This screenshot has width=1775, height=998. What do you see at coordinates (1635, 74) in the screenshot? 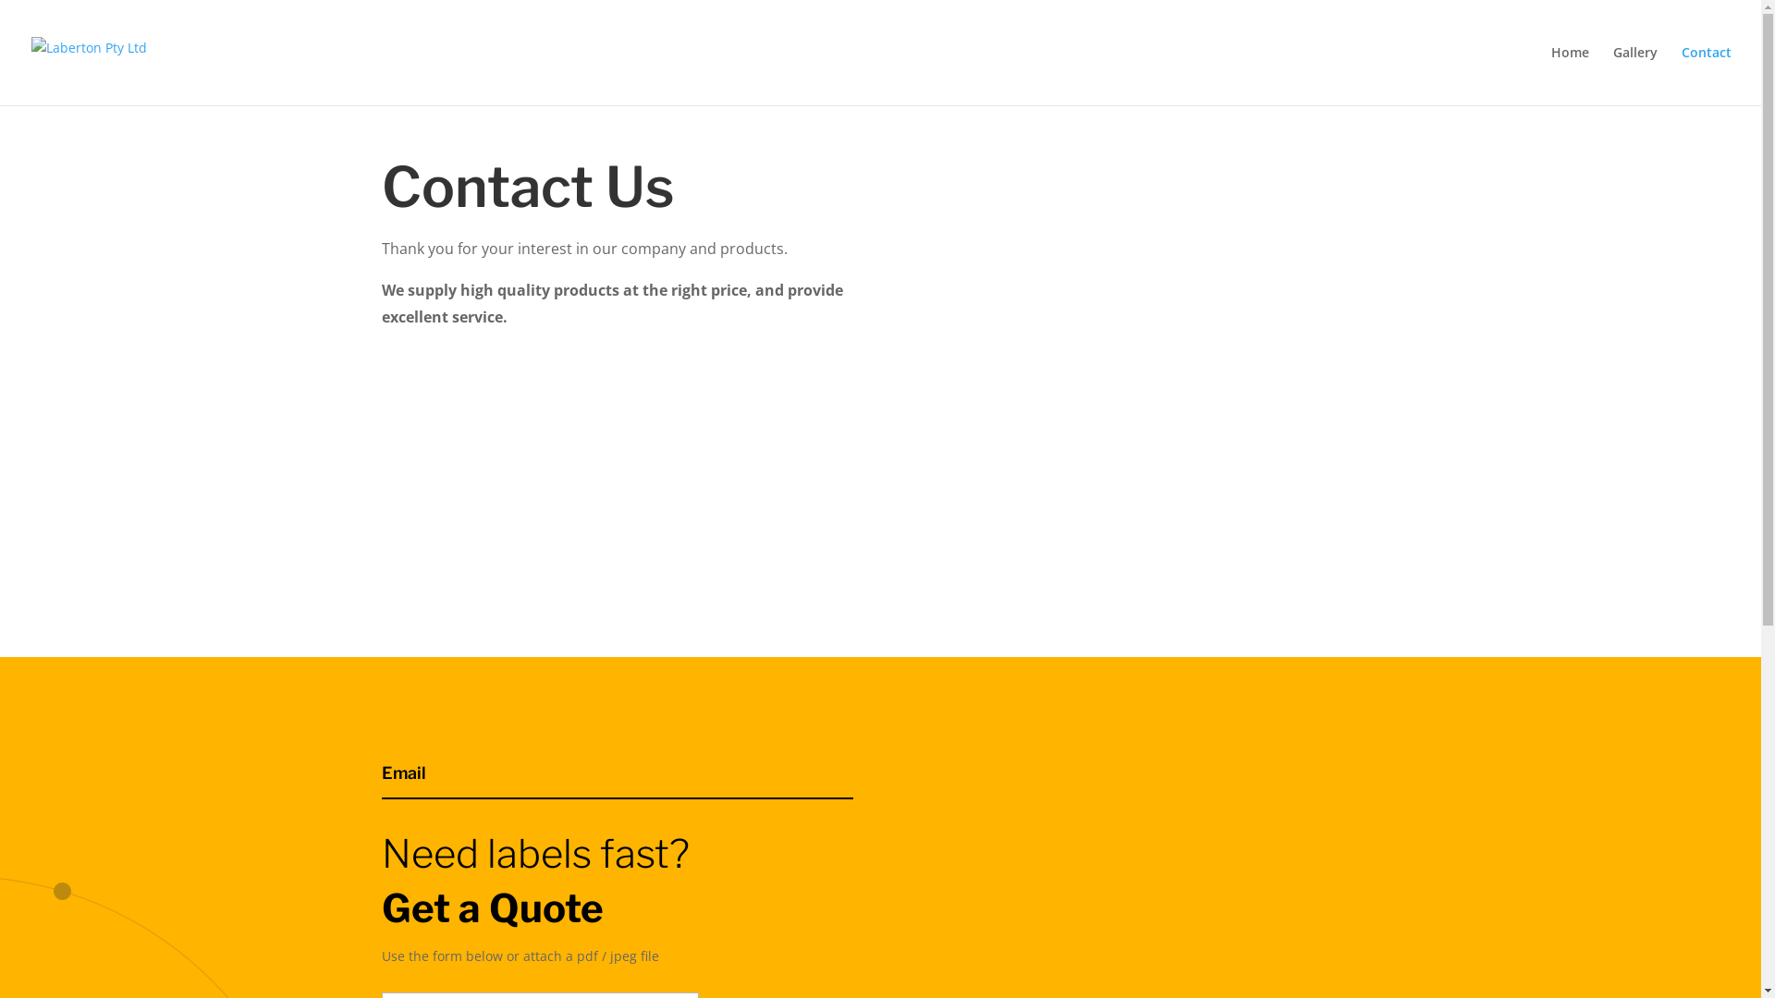
I see `'Gallery'` at bounding box center [1635, 74].